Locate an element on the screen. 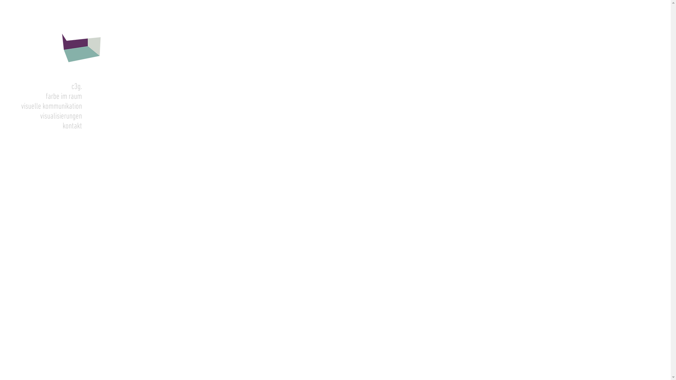  'visualisierungen' is located at coordinates (40, 116).